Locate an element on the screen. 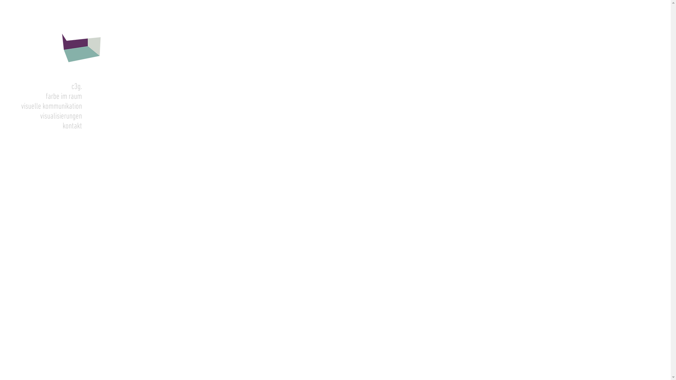  'visualisierungen' is located at coordinates (40, 116).